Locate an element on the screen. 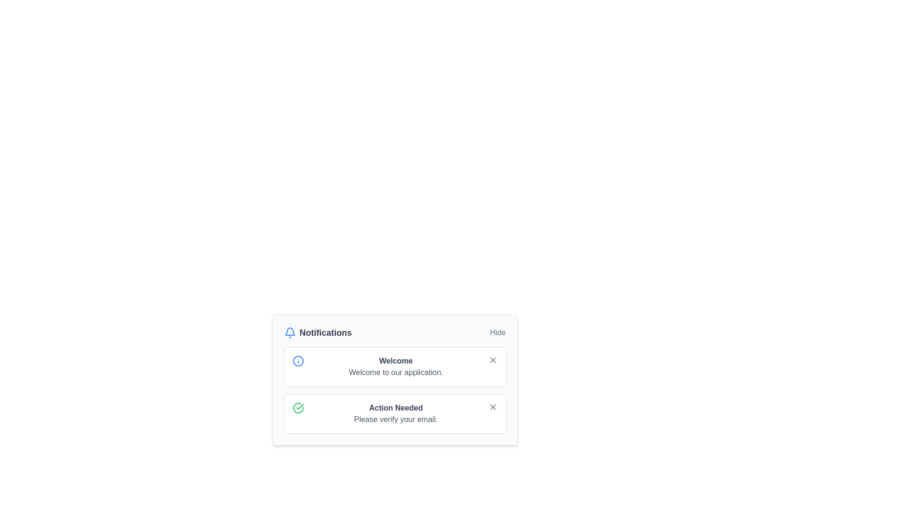 This screenshot has height=518, width=921. the blue bell icon representing notifications located at the left within the notification header area is located at coordinates (289, 332).